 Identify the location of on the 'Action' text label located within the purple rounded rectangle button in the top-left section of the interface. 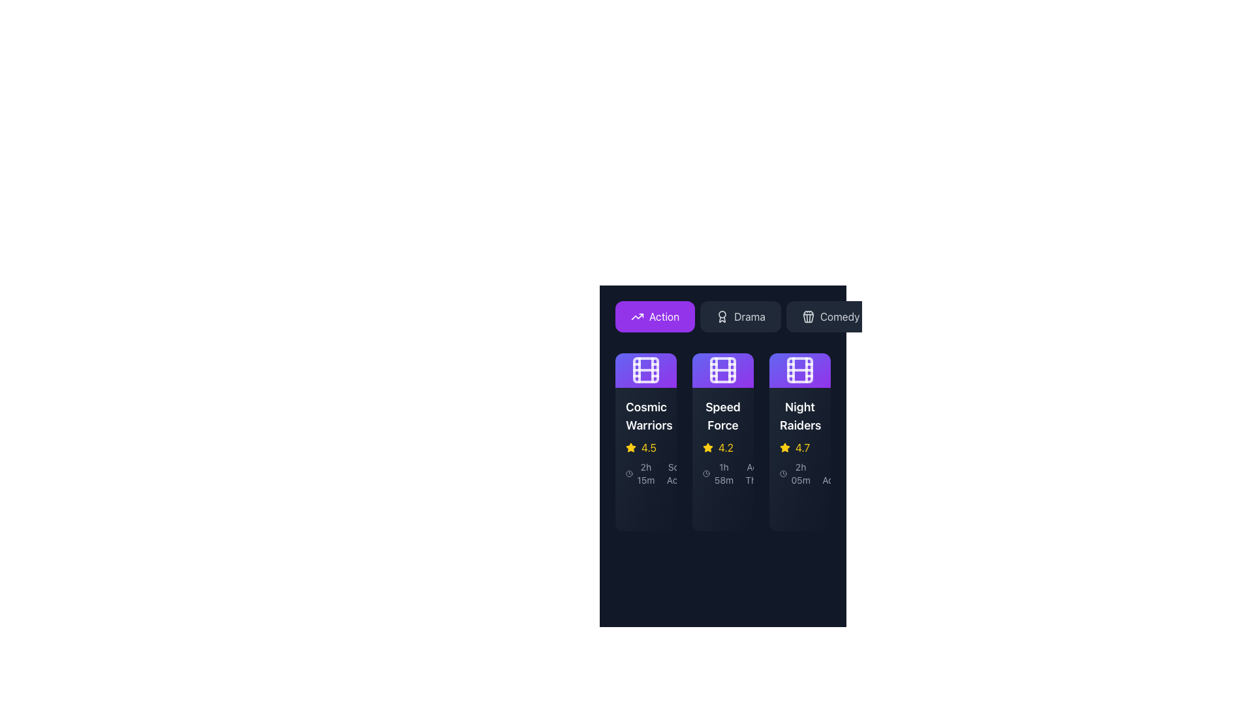
(664, 317).